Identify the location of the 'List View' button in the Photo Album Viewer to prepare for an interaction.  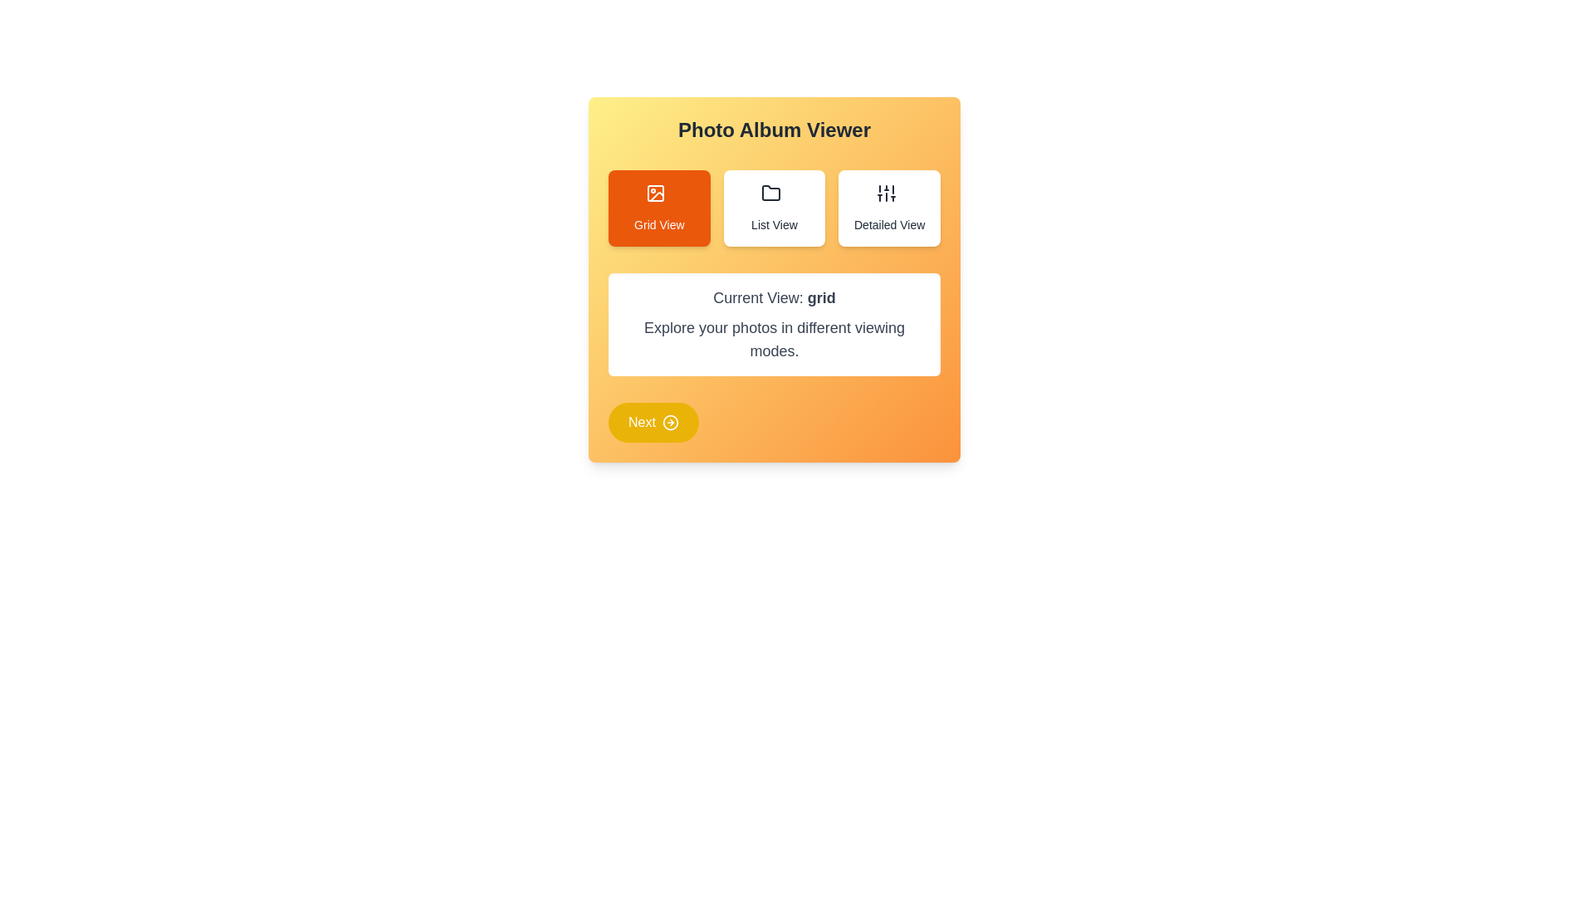
(773, 207).